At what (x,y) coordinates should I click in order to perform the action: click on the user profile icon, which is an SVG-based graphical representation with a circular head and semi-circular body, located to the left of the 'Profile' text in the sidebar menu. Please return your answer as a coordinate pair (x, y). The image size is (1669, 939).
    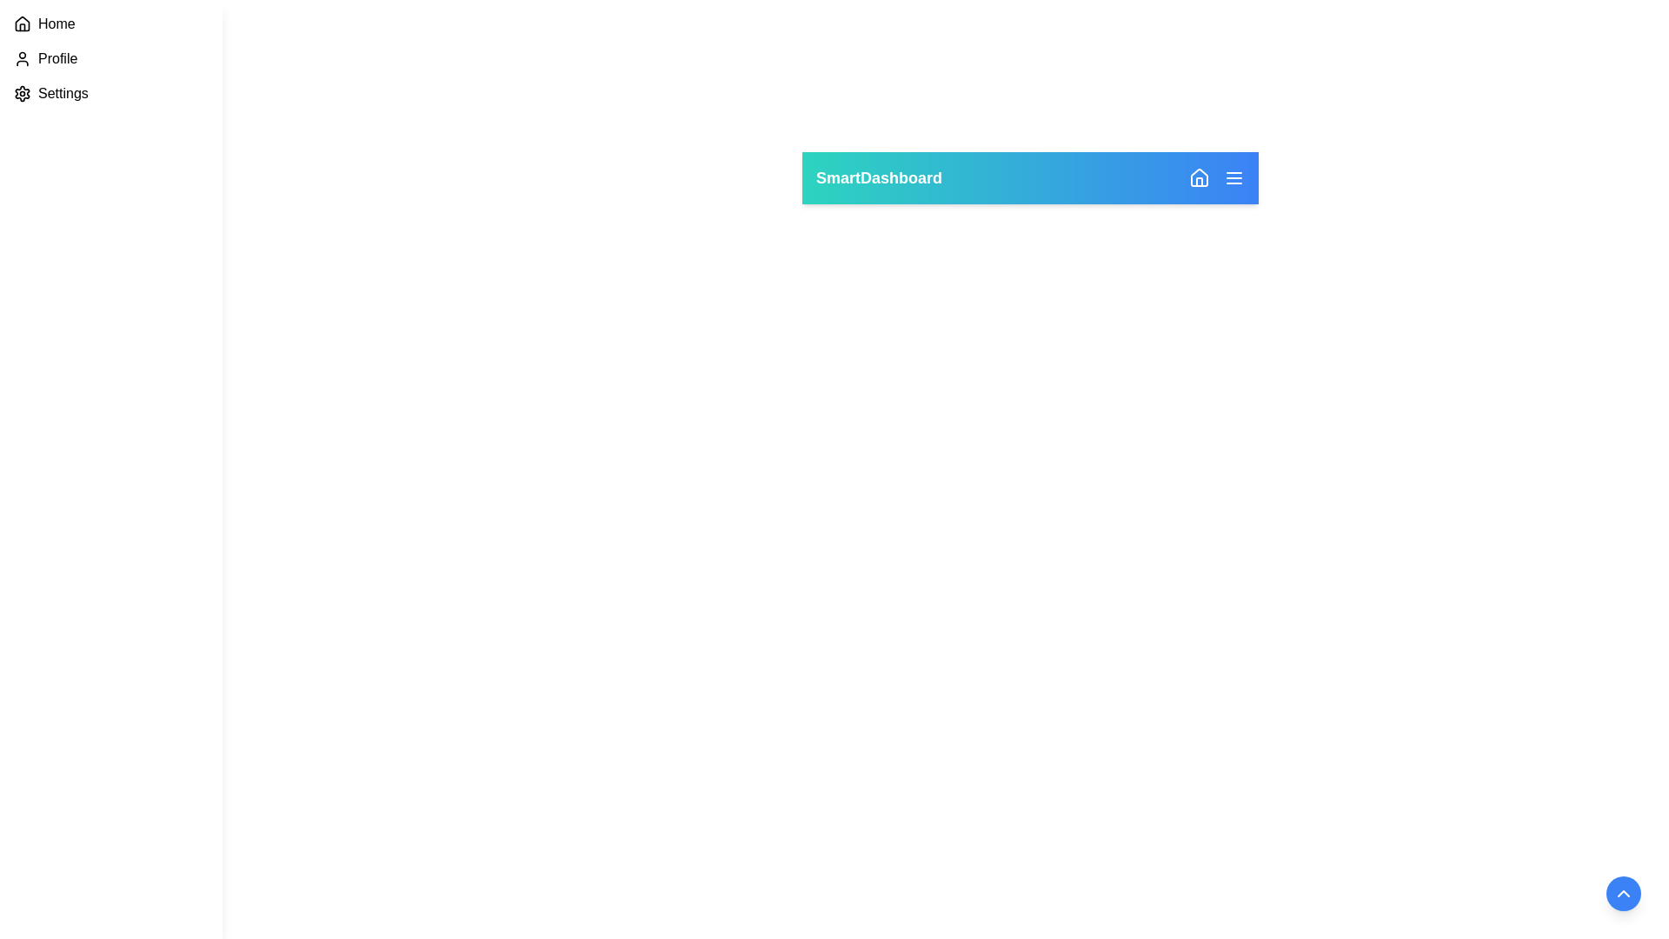
    Looking at the image, I should click on (22, 58).